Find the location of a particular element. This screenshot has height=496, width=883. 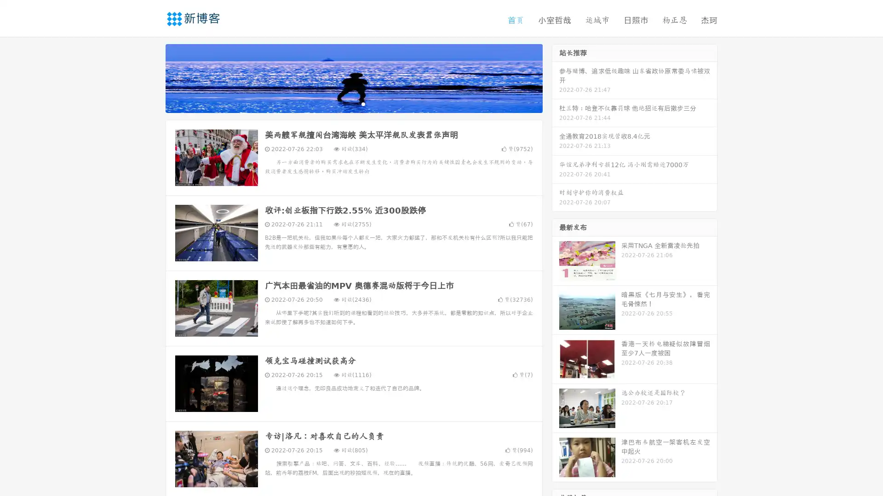

Go to slide 3 is located at coordinates (363, 103).